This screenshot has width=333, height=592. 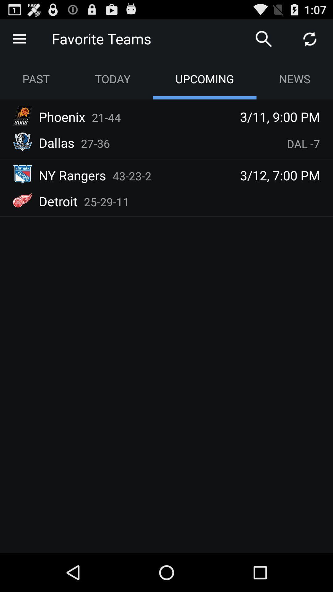 I want to click on the item below the 3 11 9 app, so click(x=303, y=143).